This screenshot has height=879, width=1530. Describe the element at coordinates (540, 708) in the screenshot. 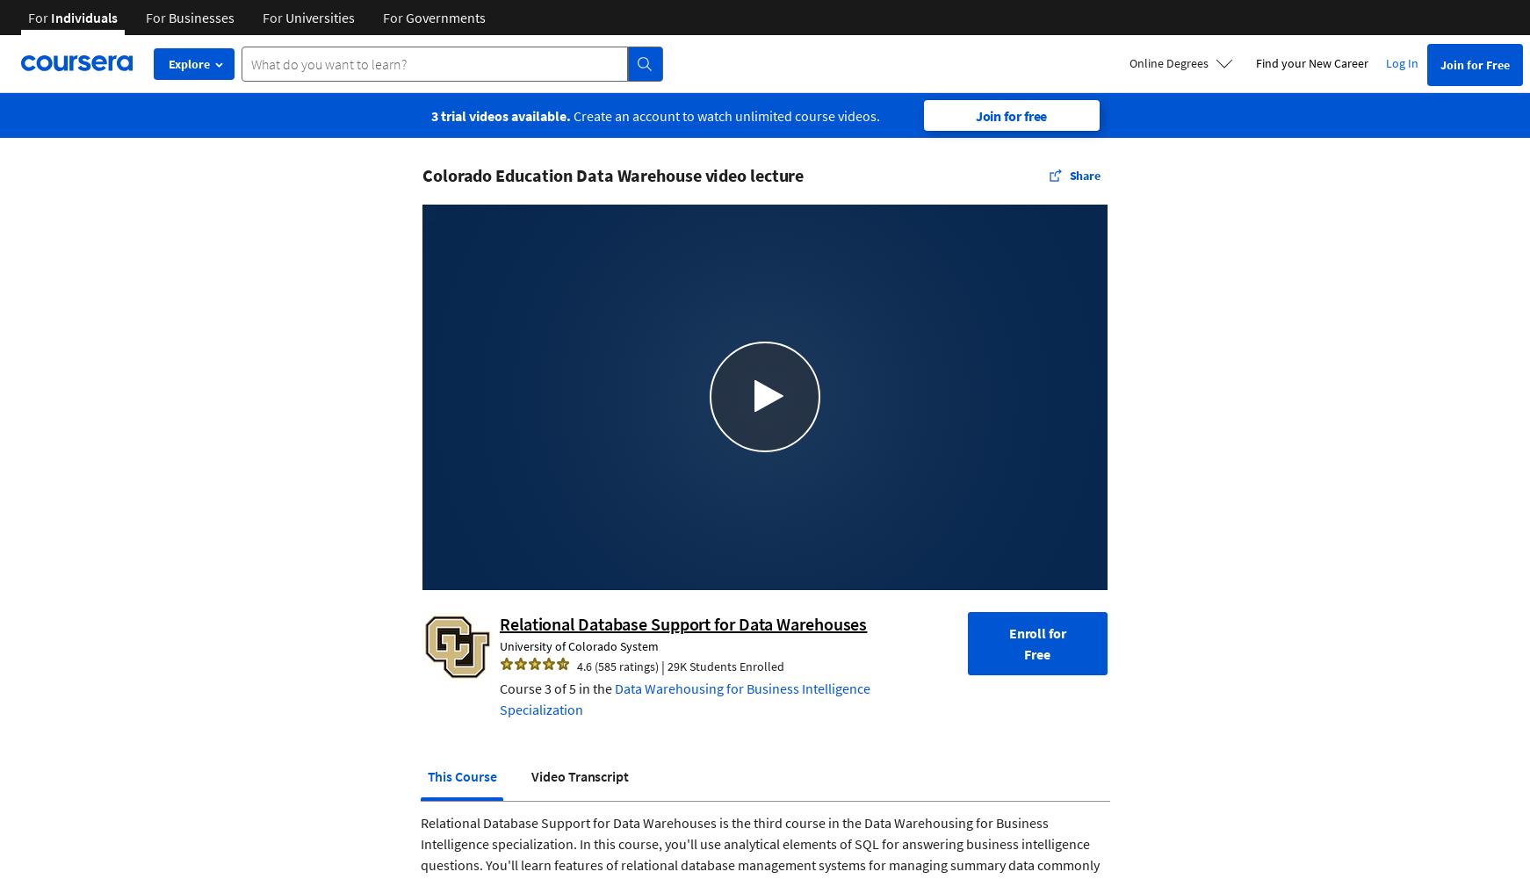

I see `'Specialization'` at that location.